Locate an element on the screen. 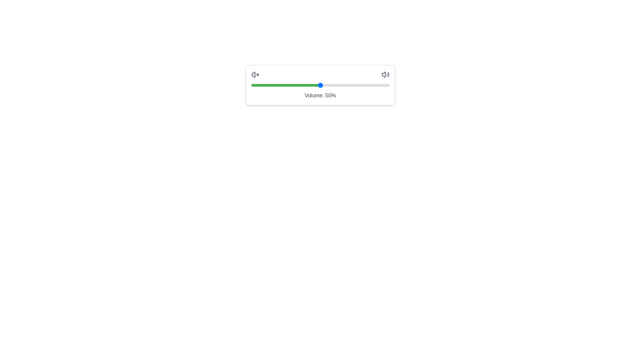 The image size is (641, 360). the volume level is located at coordinates (363, 85).